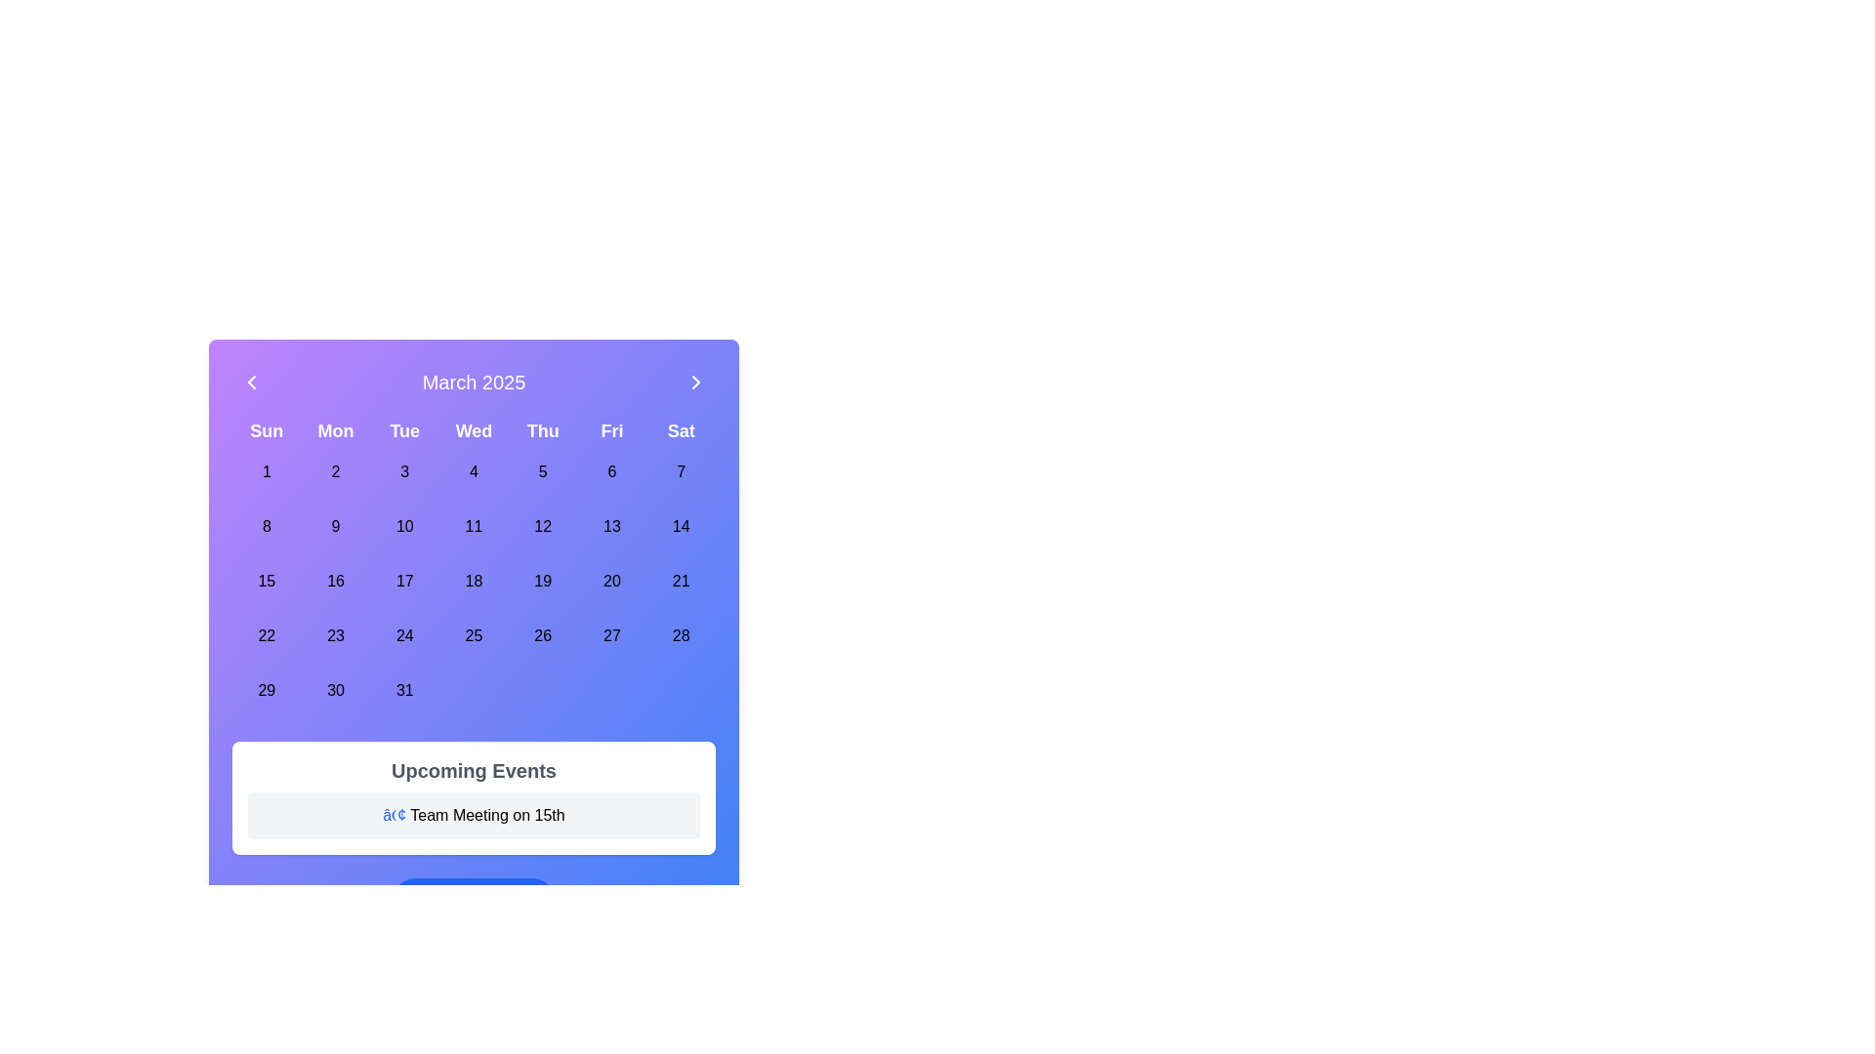 This screenshot has width=1875, height=1054. Describe the element at coordinates (336, 581) in the screenshot. I see `the button representing the calendar cell displaying the numeral '16'` at that location.